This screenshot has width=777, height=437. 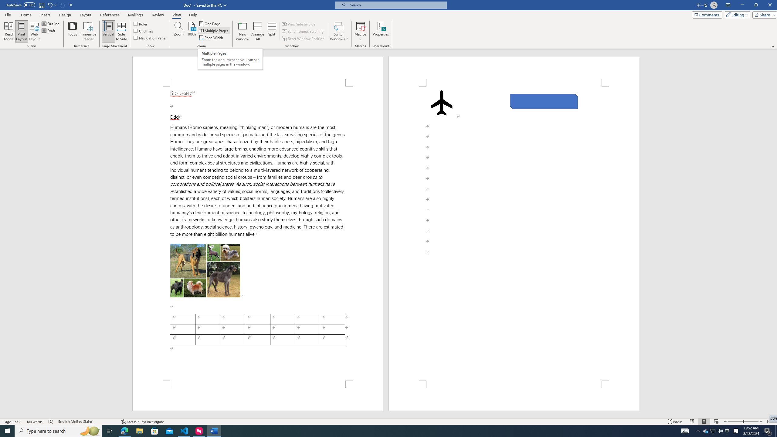 What do you see at coordinates (34, 422) in the screenshot?
I see `'Word Count 184 words'` at bounding box center [34, 422].